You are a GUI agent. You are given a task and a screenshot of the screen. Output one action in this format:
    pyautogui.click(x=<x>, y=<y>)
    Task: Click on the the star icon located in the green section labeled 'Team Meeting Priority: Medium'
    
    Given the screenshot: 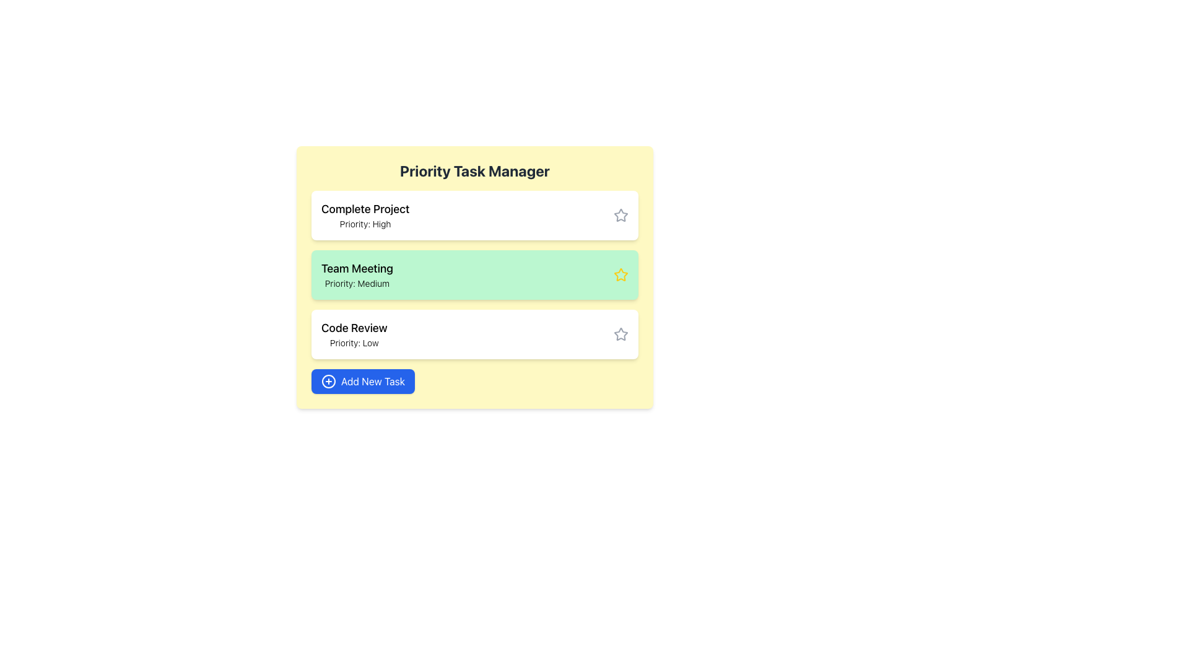 What is the action you would take?
    pyautogui.click(x=621, y=274)
    